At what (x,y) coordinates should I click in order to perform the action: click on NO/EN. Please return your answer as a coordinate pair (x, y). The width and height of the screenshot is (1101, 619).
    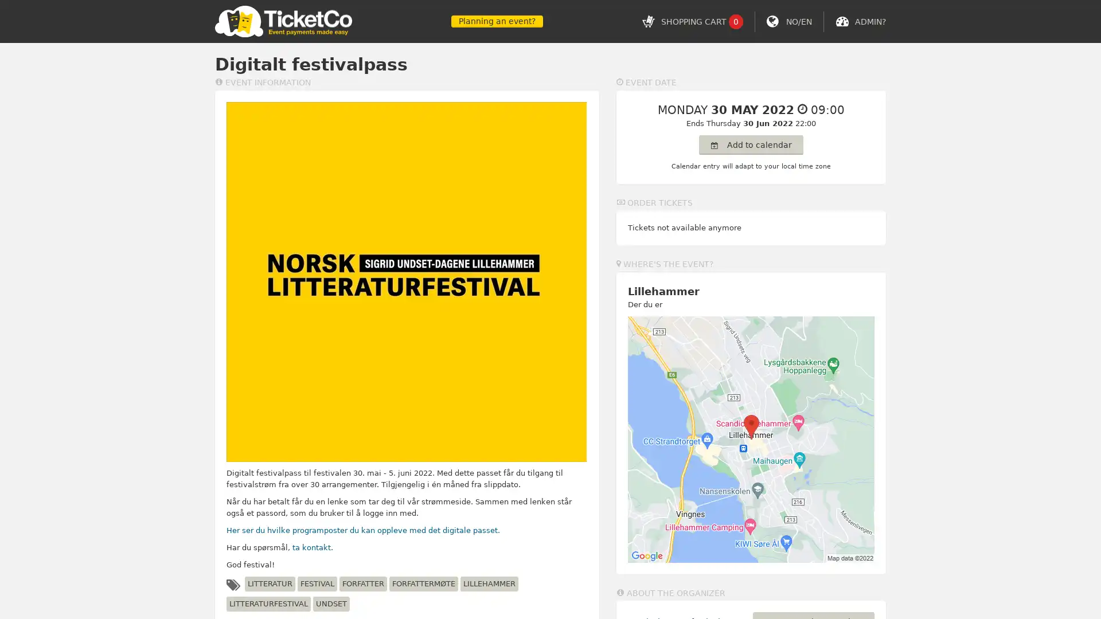
    Looking at the image, I should click on (798, 21).